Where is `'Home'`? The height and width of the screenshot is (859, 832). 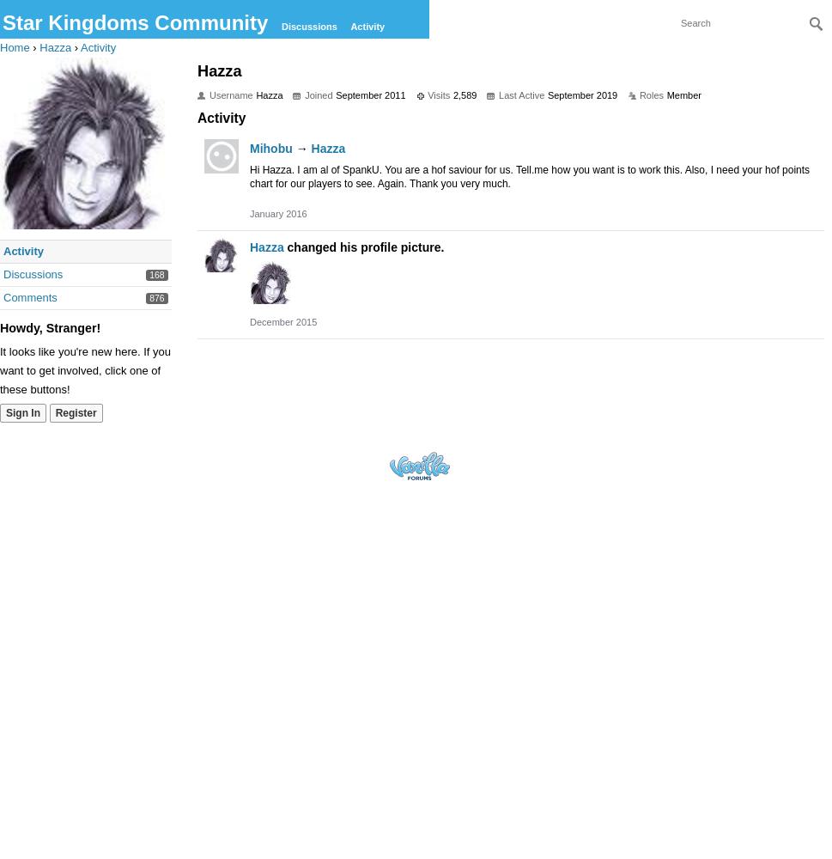
'Home' is located at coordinates (14, 47).